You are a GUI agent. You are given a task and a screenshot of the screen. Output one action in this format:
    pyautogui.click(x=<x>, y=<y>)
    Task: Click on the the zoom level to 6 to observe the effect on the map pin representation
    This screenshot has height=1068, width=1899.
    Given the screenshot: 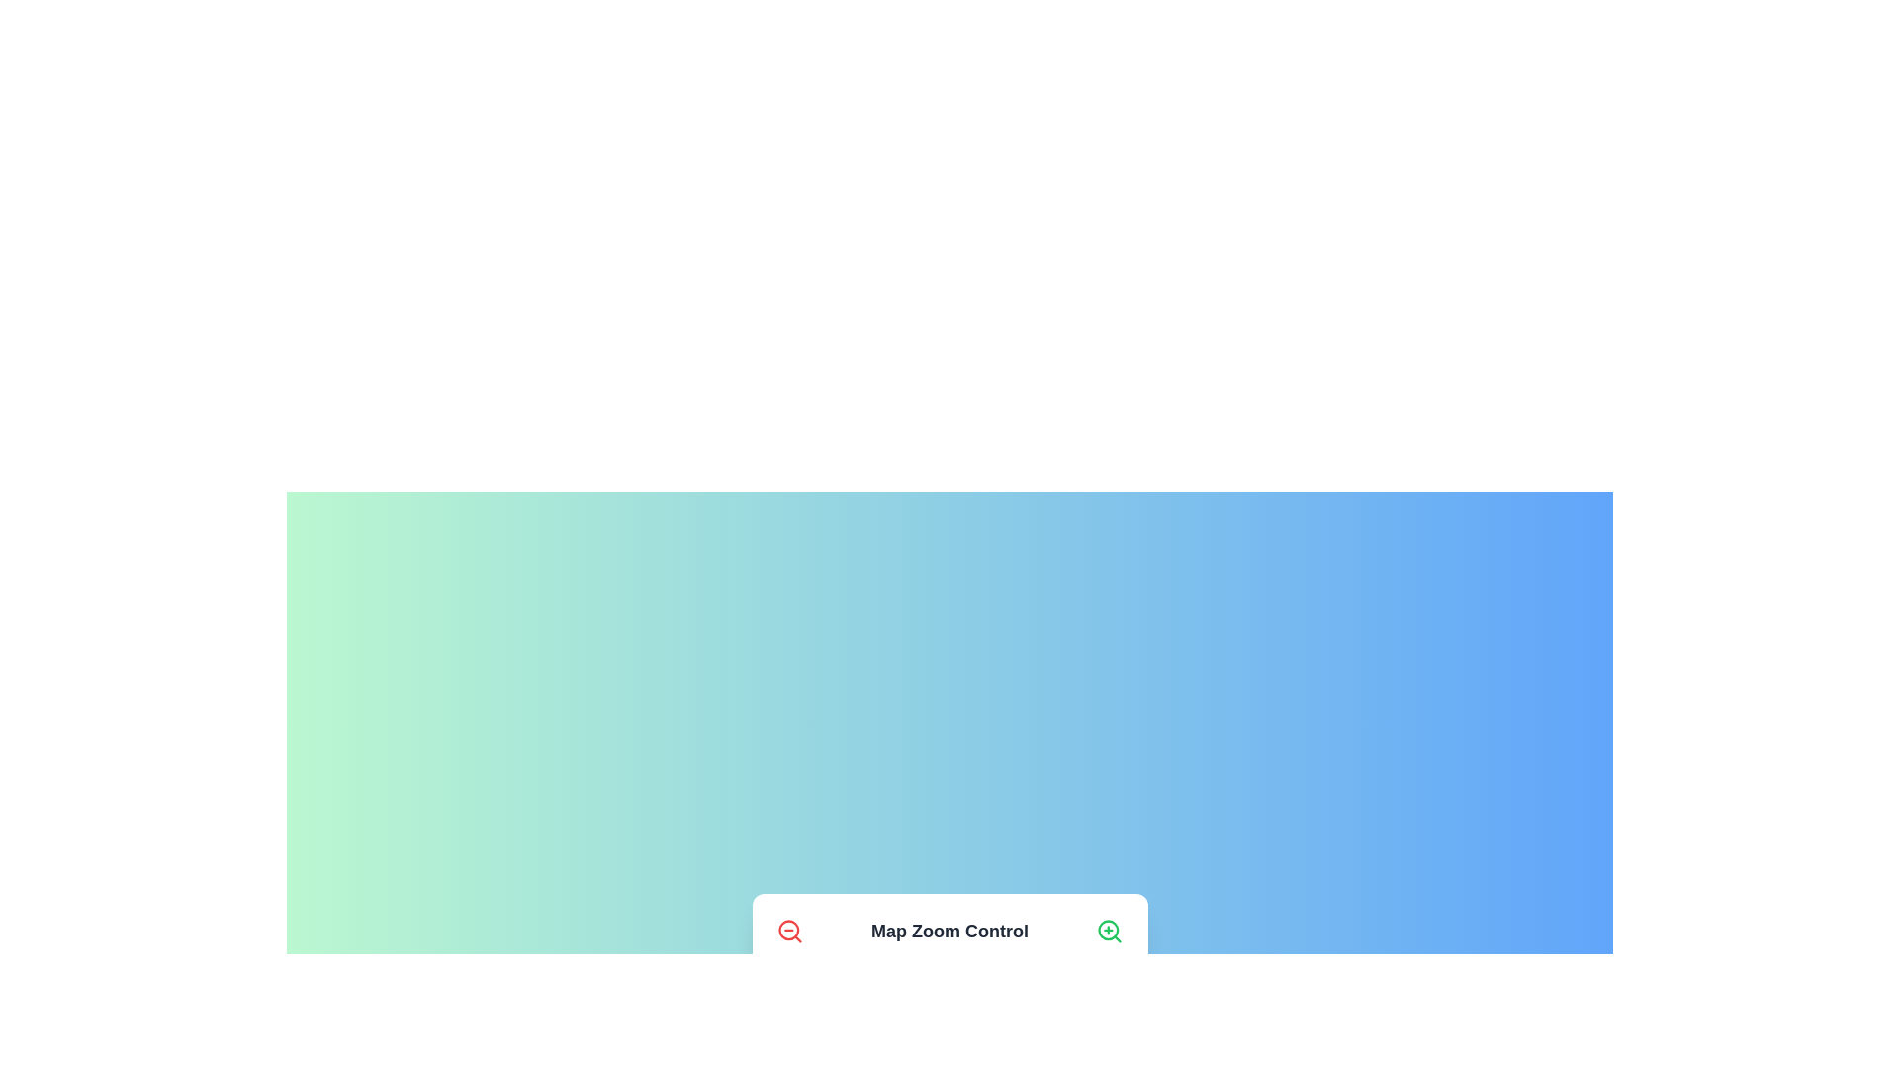 What is the action you would take?
    pyautogui.click(x=968, y=992)
    